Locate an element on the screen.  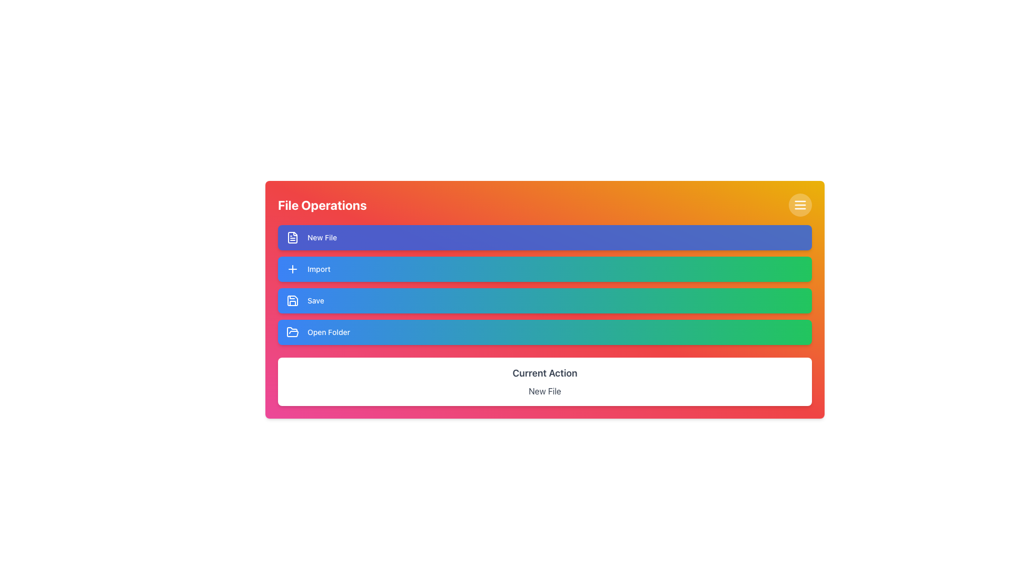
the icon that signifies an addition action, located at the left edge of the 'Import' button in the 'File Operations' list is located at coordinates (293, 269).